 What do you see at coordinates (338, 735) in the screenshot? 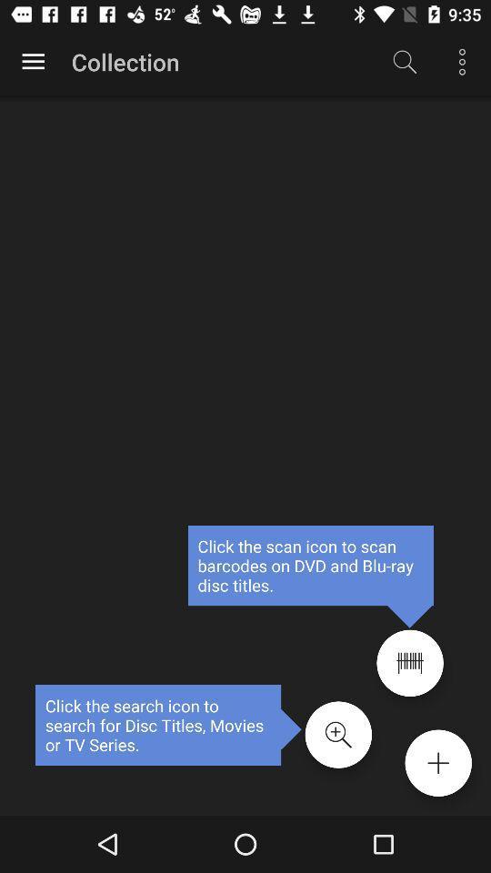
I see `search` at bounding box center [338, 735].